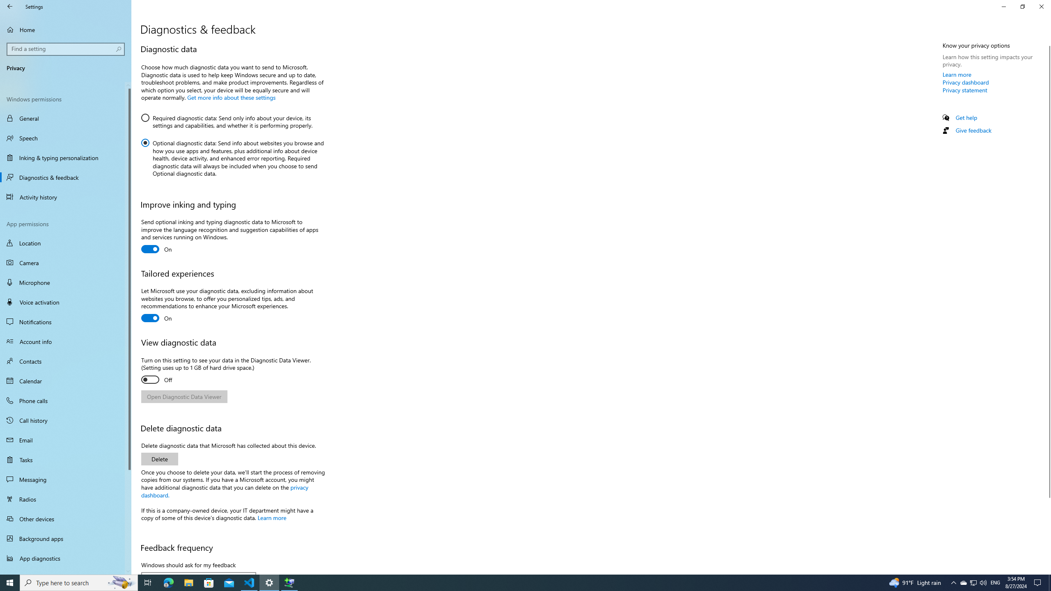  What do you see at coordinates (198, 573) in the screenshot?
I see `'Windows should ask for my feedback'` at bounding box center [198, 573].